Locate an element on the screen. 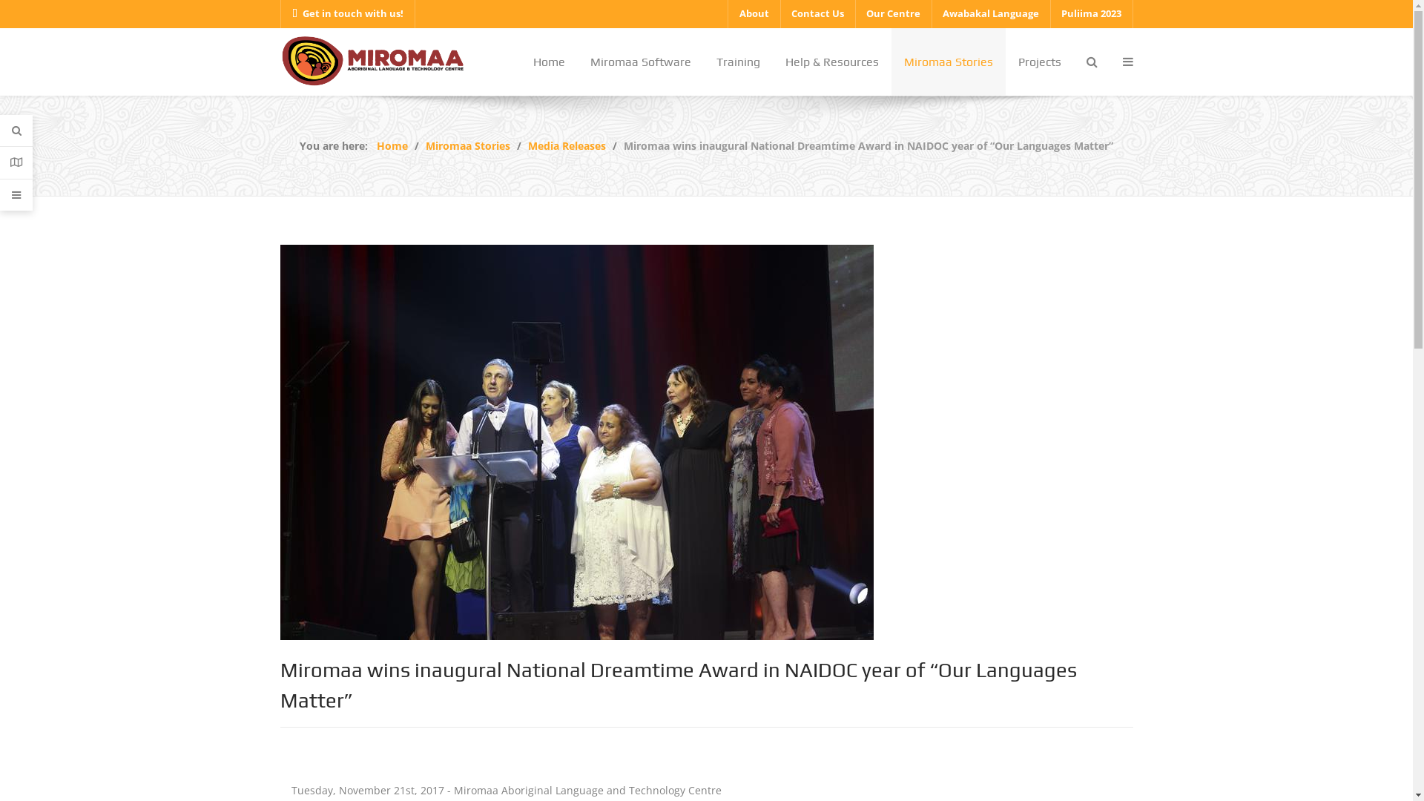 Image resolution: width=1424 pixels, height=801 pixels. 'Miromaa Software' is located at coordinates (640, 61).